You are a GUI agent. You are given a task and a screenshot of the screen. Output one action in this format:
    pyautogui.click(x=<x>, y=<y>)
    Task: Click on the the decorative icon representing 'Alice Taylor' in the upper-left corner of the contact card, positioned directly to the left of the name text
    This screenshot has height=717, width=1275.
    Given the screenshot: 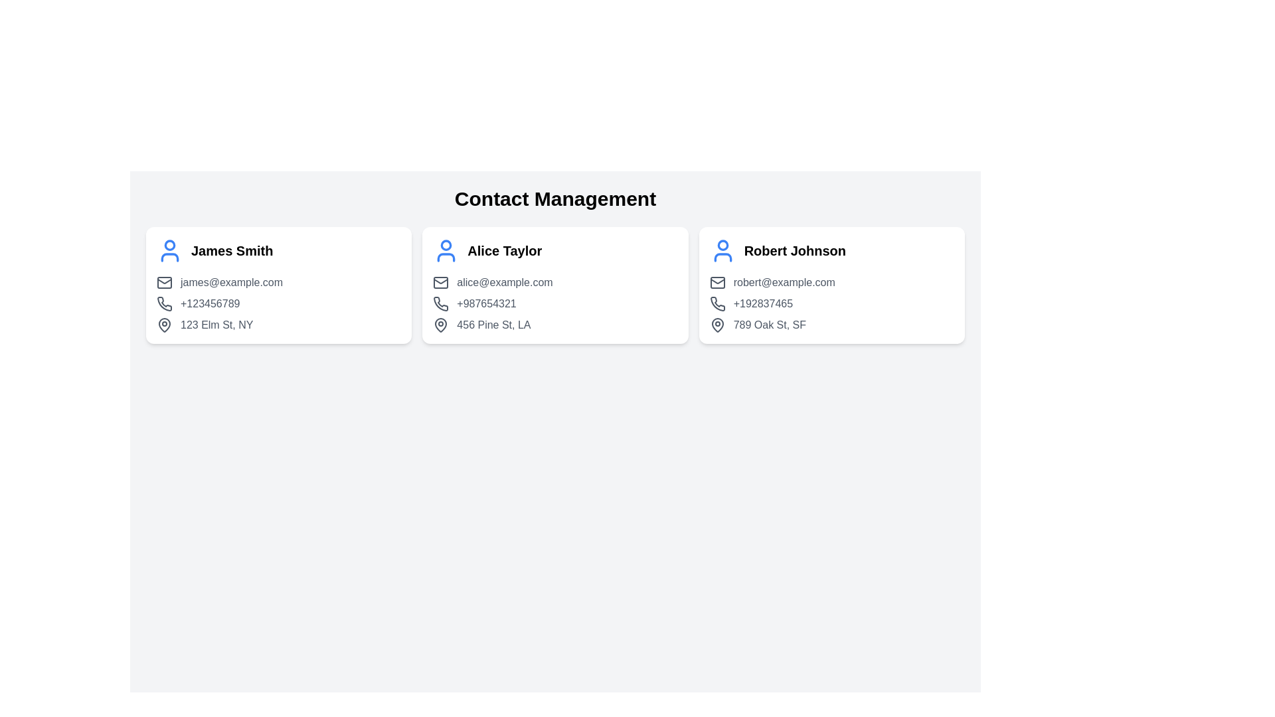 What is the action you would take?
    pyautogui.click(x=446, y=251)
    